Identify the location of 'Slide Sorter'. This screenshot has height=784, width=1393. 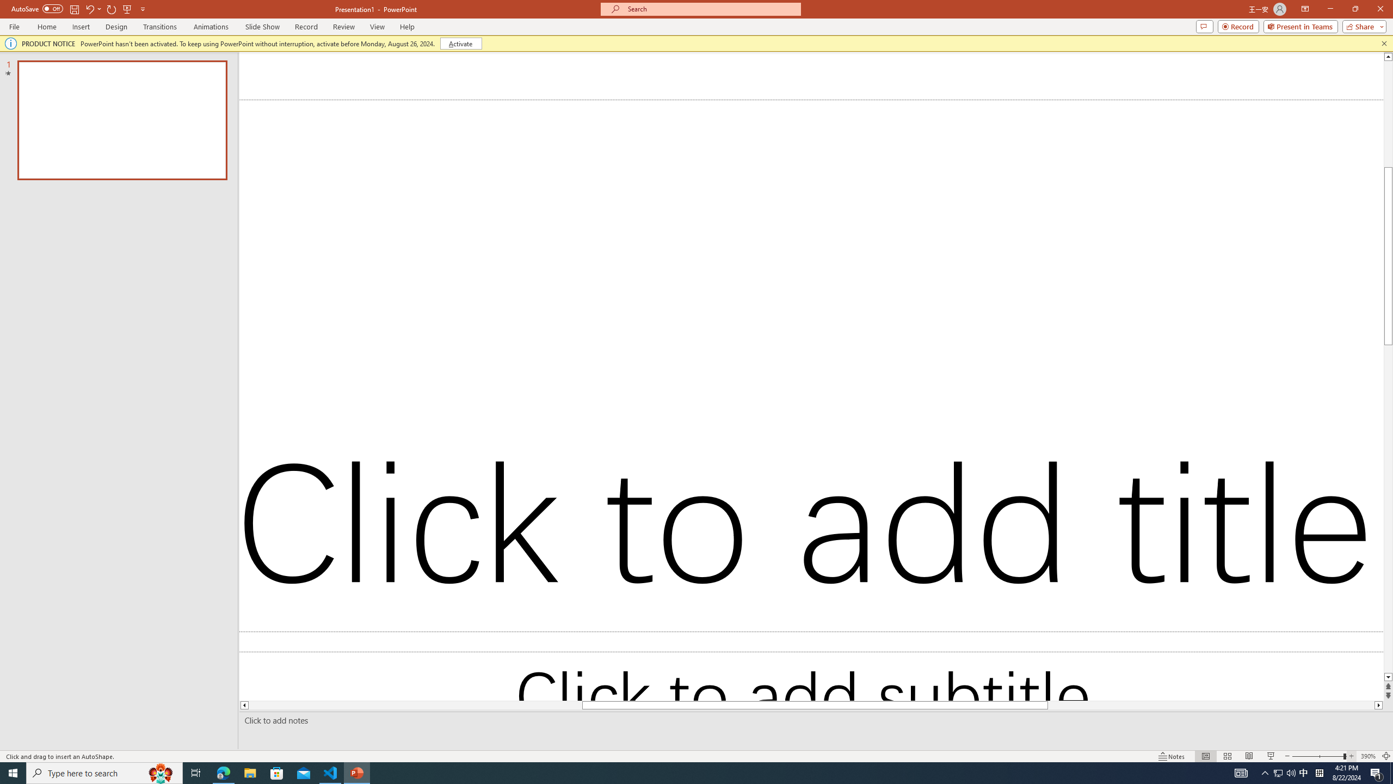
(1226, 756).